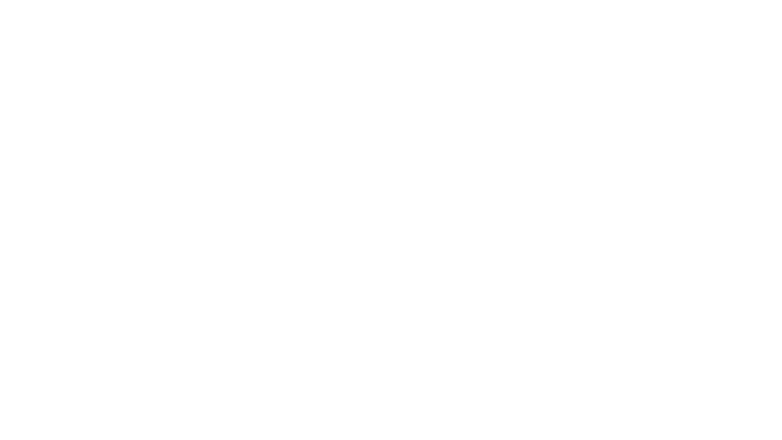  I want to click on May, so click(312, 209).